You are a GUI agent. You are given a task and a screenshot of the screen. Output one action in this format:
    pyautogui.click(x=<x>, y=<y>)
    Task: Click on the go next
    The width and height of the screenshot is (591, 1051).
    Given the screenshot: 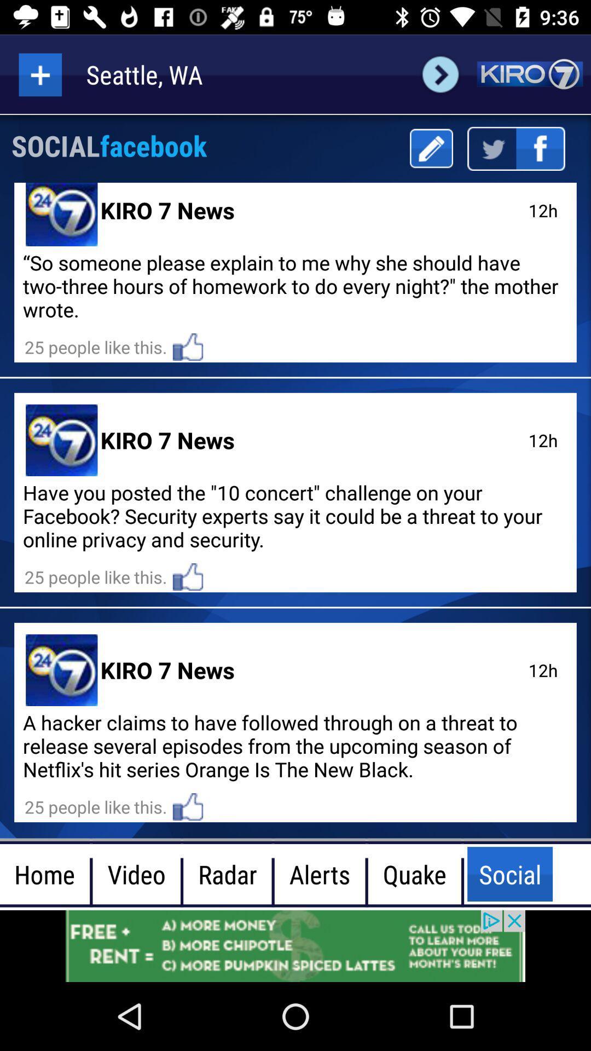 What is the action you would take?
    pyautogui.click(x=440, y=74)
    